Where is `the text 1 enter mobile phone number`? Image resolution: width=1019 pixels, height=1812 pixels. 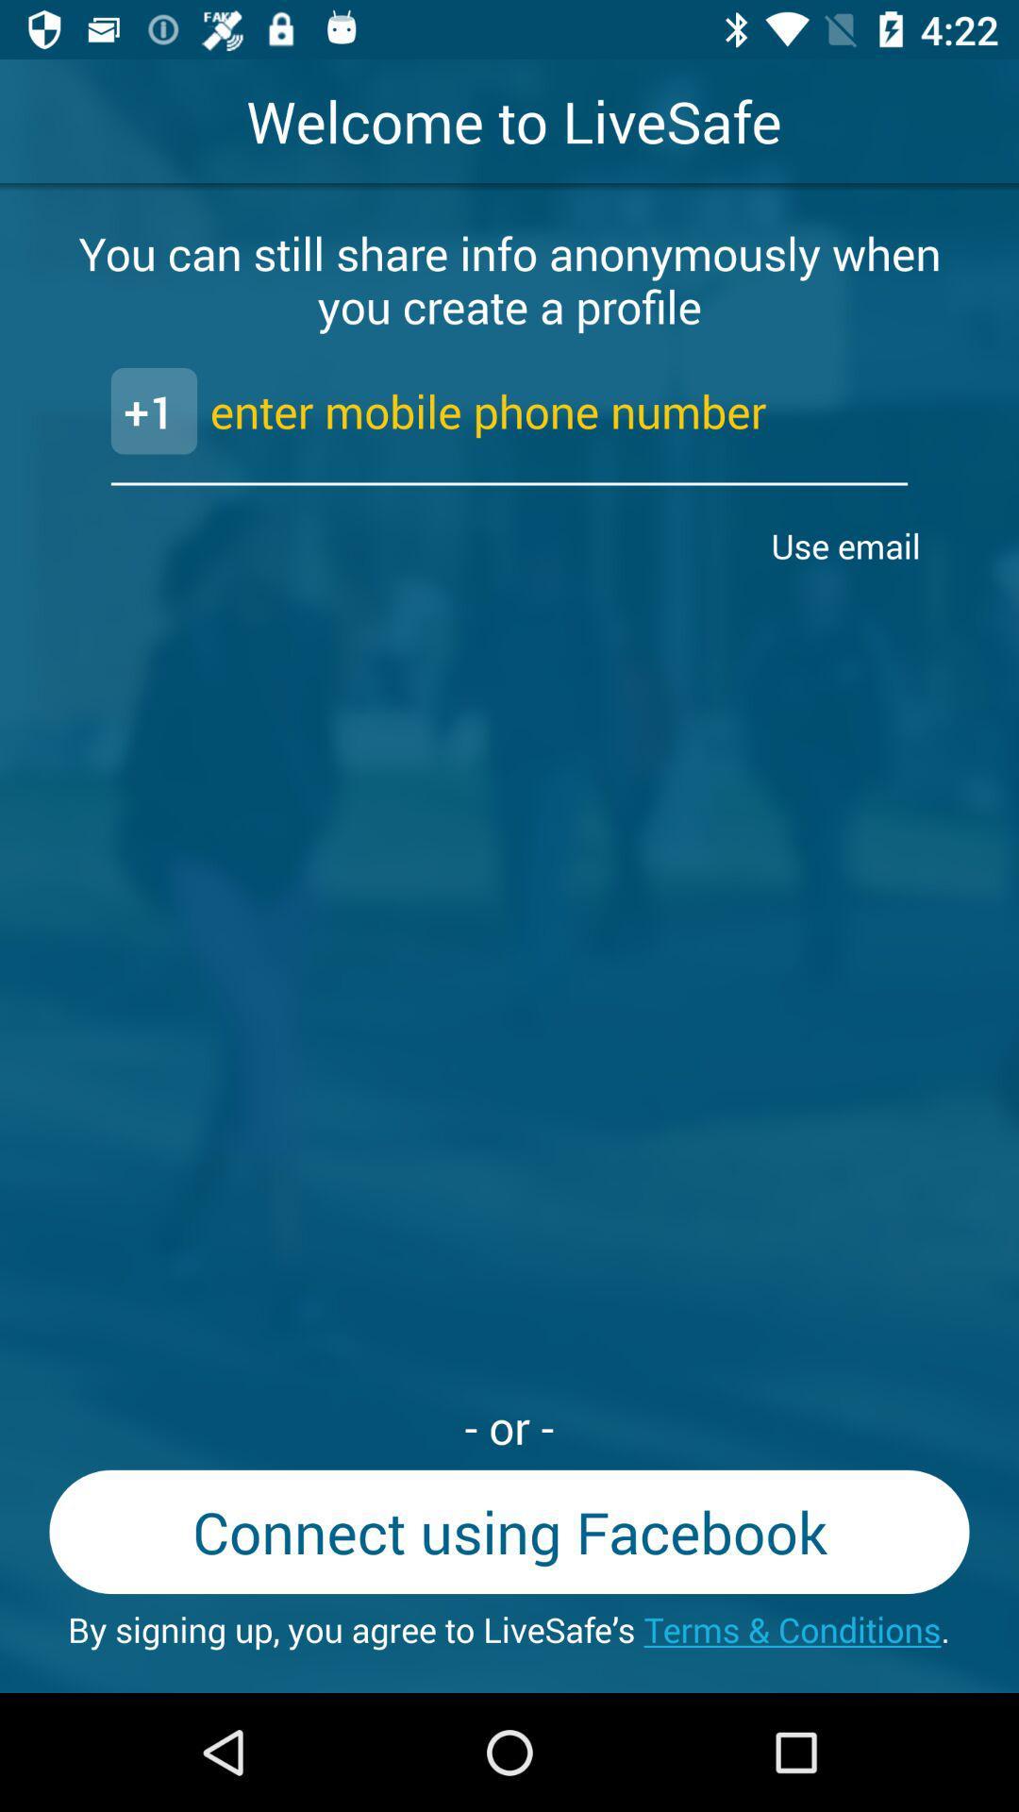
the text 1 enter mobile phone number is located at coordinates (509, 411).